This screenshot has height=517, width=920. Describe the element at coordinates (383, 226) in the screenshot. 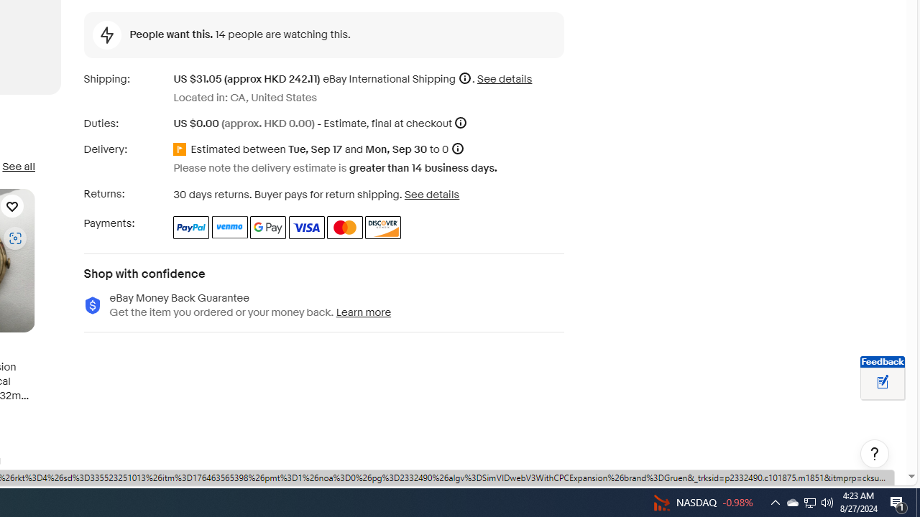

I see `'Discover'` at that location.